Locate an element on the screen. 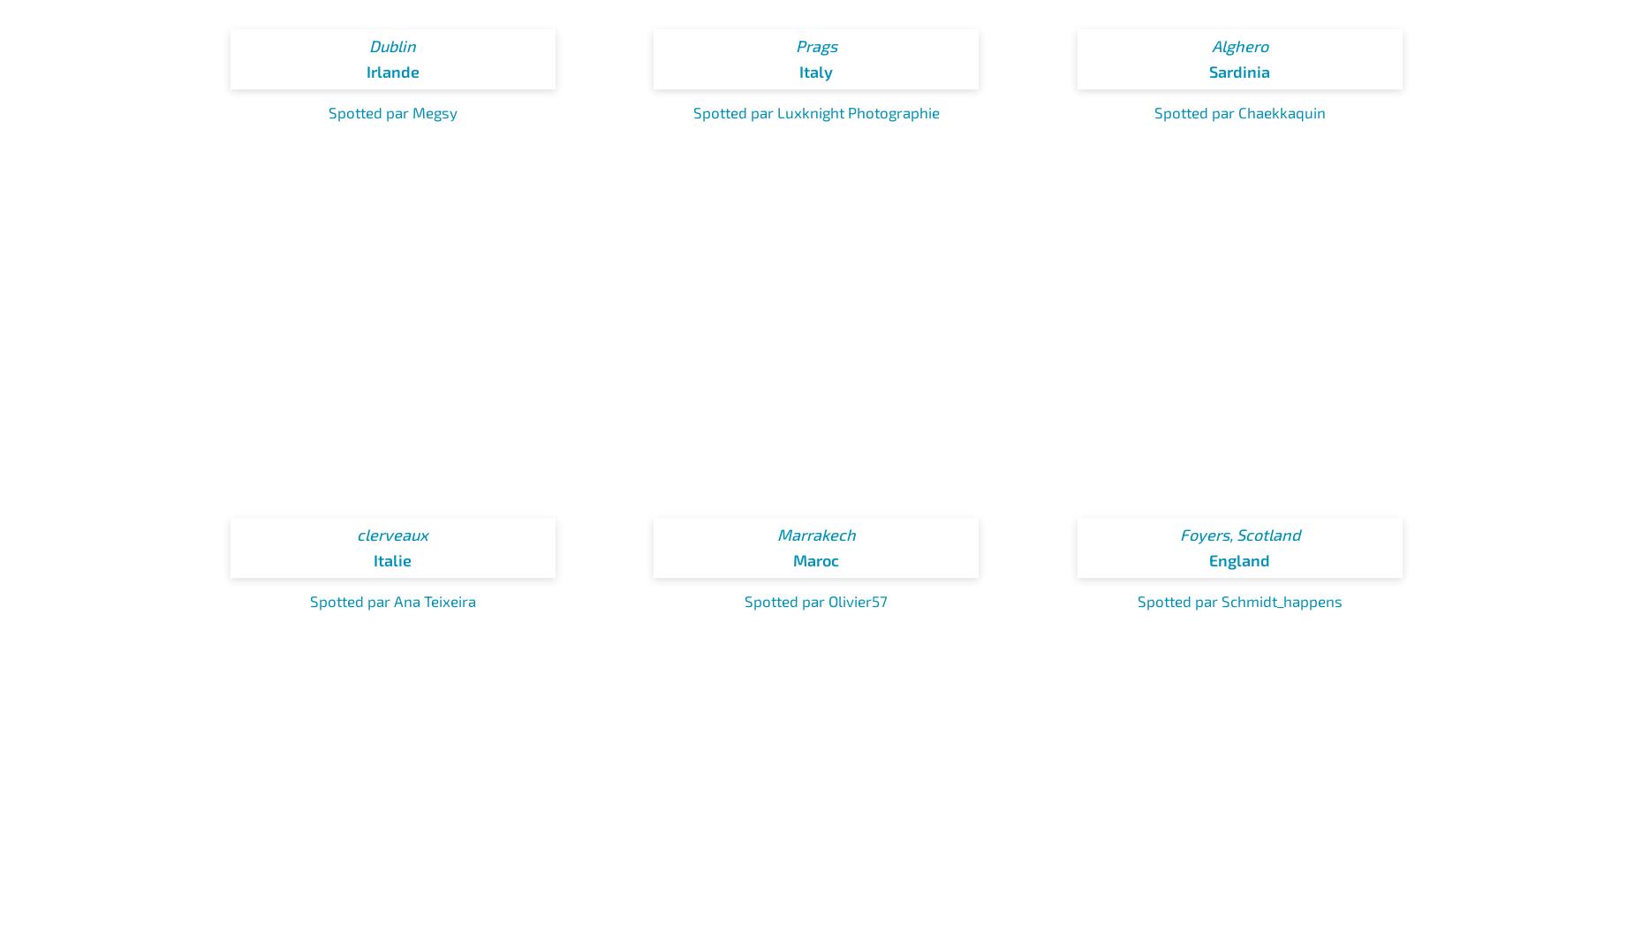 The image size is (1634, 949). 'Spotted par Schmidt_happens' is located at coordinates (1239, 598).